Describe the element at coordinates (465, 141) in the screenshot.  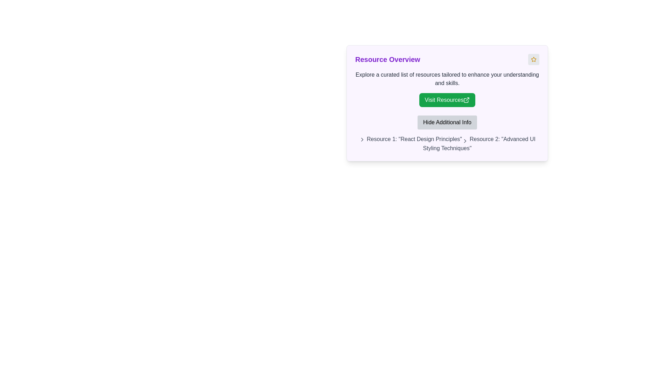
I see `the second chevron icon indicating navigation for 'Resource 2: "Advanced UI Styling Techniques"'` at that location.